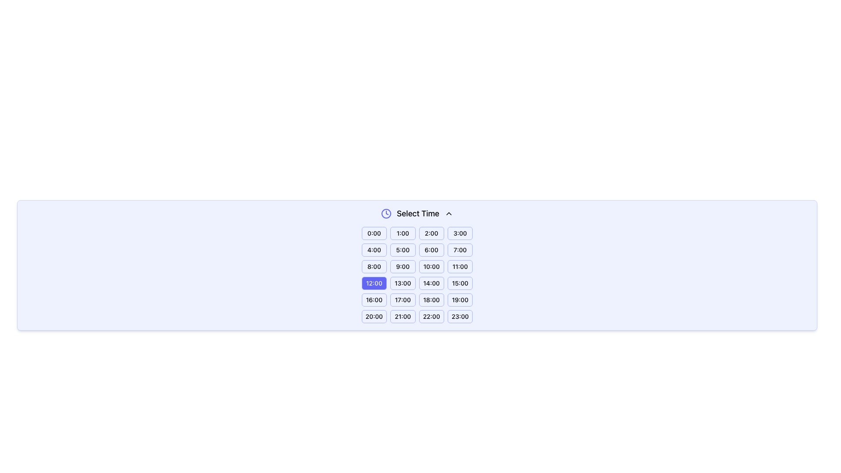 The image size is (841, 473). I want to click on the button that selects the time '6:00' in the time selection grid, located in the second row and third column, so click(431, 250).